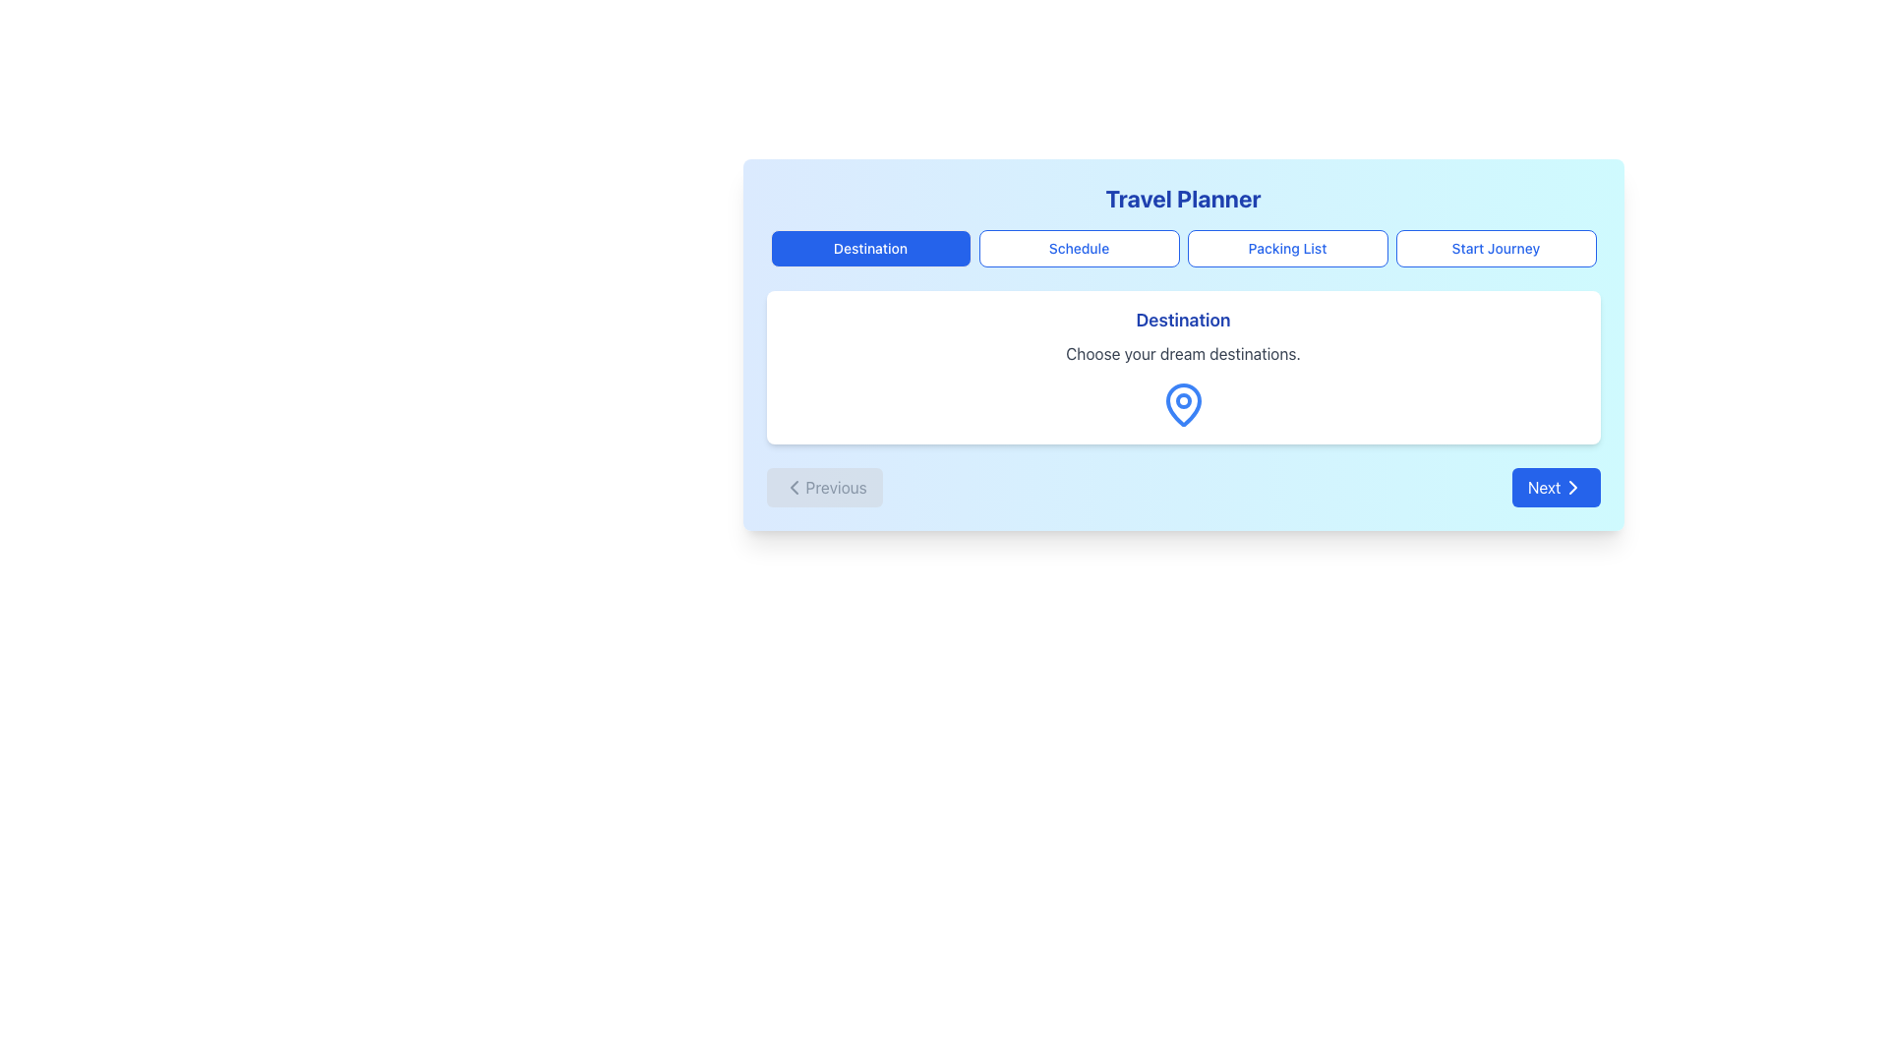 Image resolution: width=1888 pixels, height=1062 pixels. I want to click on the first button in the row that serves as a selection option for 'Destination', so click(869, 248).